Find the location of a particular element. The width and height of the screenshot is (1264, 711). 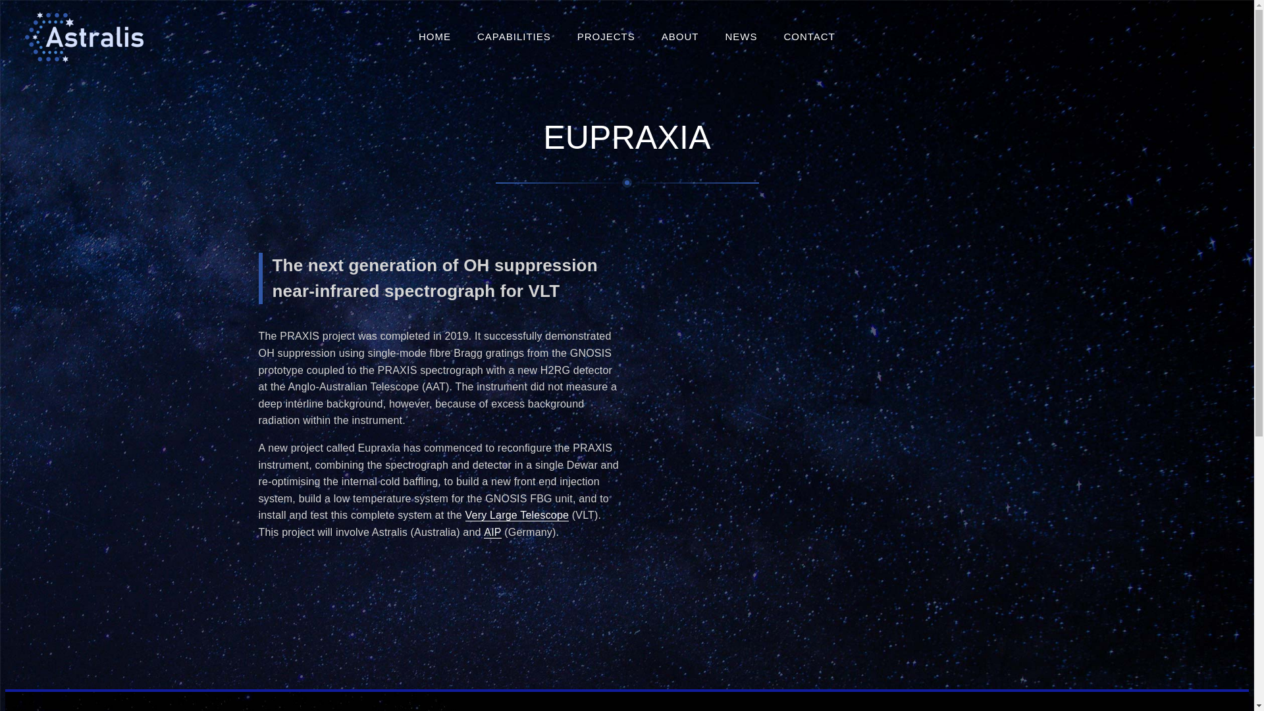

'ABOUT' is located at coordinates (680, 36).